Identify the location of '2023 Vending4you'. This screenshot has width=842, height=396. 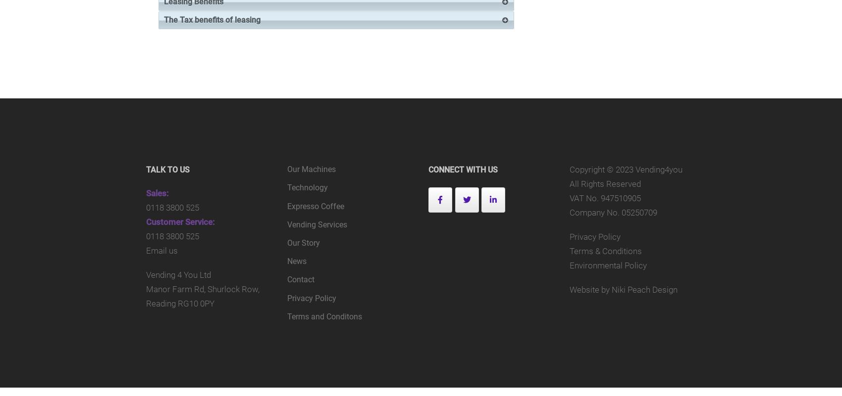
(649, 169).